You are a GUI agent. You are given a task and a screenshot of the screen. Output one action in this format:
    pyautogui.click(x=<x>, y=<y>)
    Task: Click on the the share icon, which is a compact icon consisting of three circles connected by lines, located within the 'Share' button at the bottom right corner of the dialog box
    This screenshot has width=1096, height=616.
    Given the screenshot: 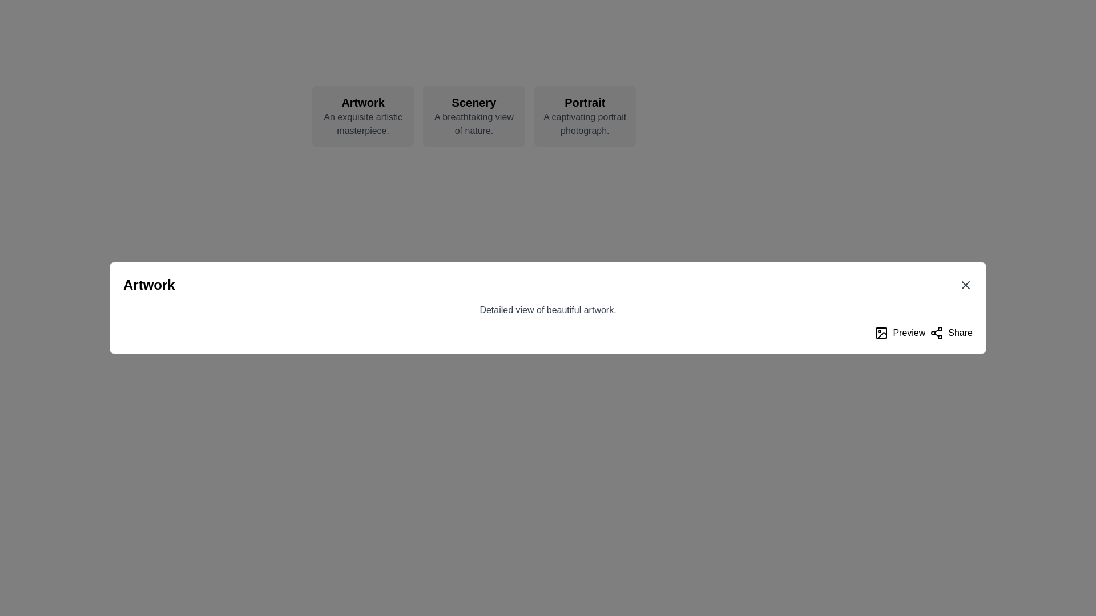 What is the action you would take?
    pyautogui.click(x=937, y=333)
    